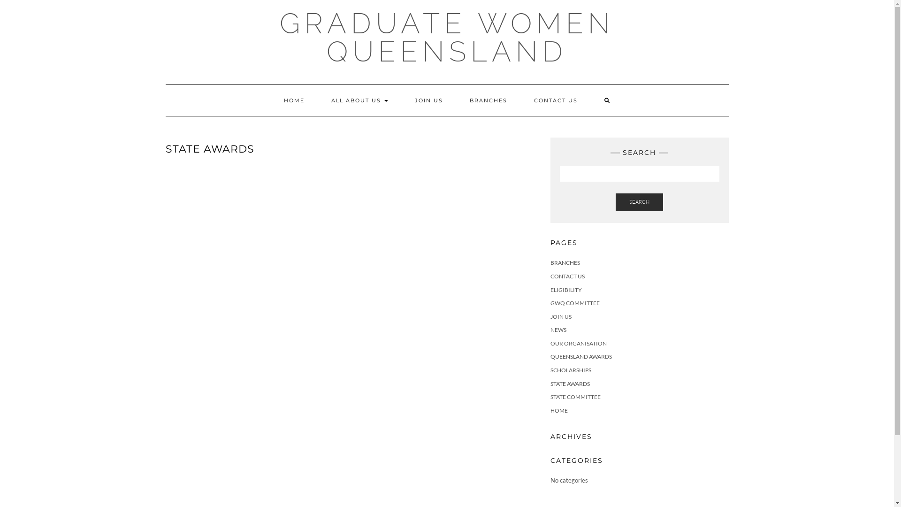 This screenshot has height=507, width=901. What do you see at coordinates (488, 100) in the screenshot?
I see `'BRANCHES'` at bounding box center [488, 100].